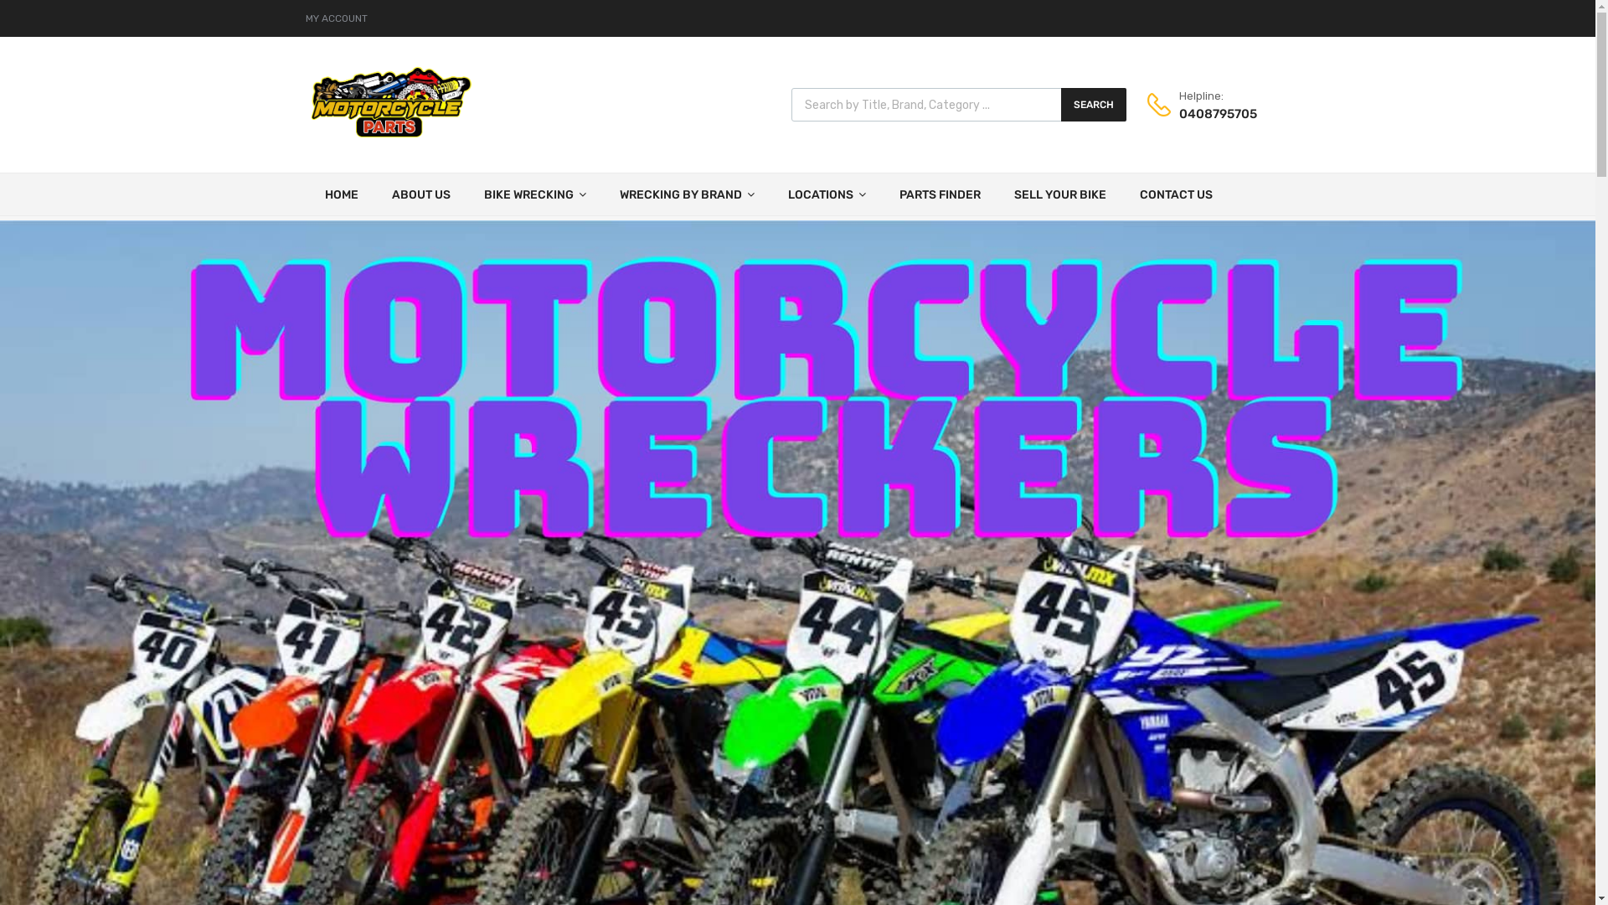  I want to click on 'BIKE WRECKING', so click(466, 193).